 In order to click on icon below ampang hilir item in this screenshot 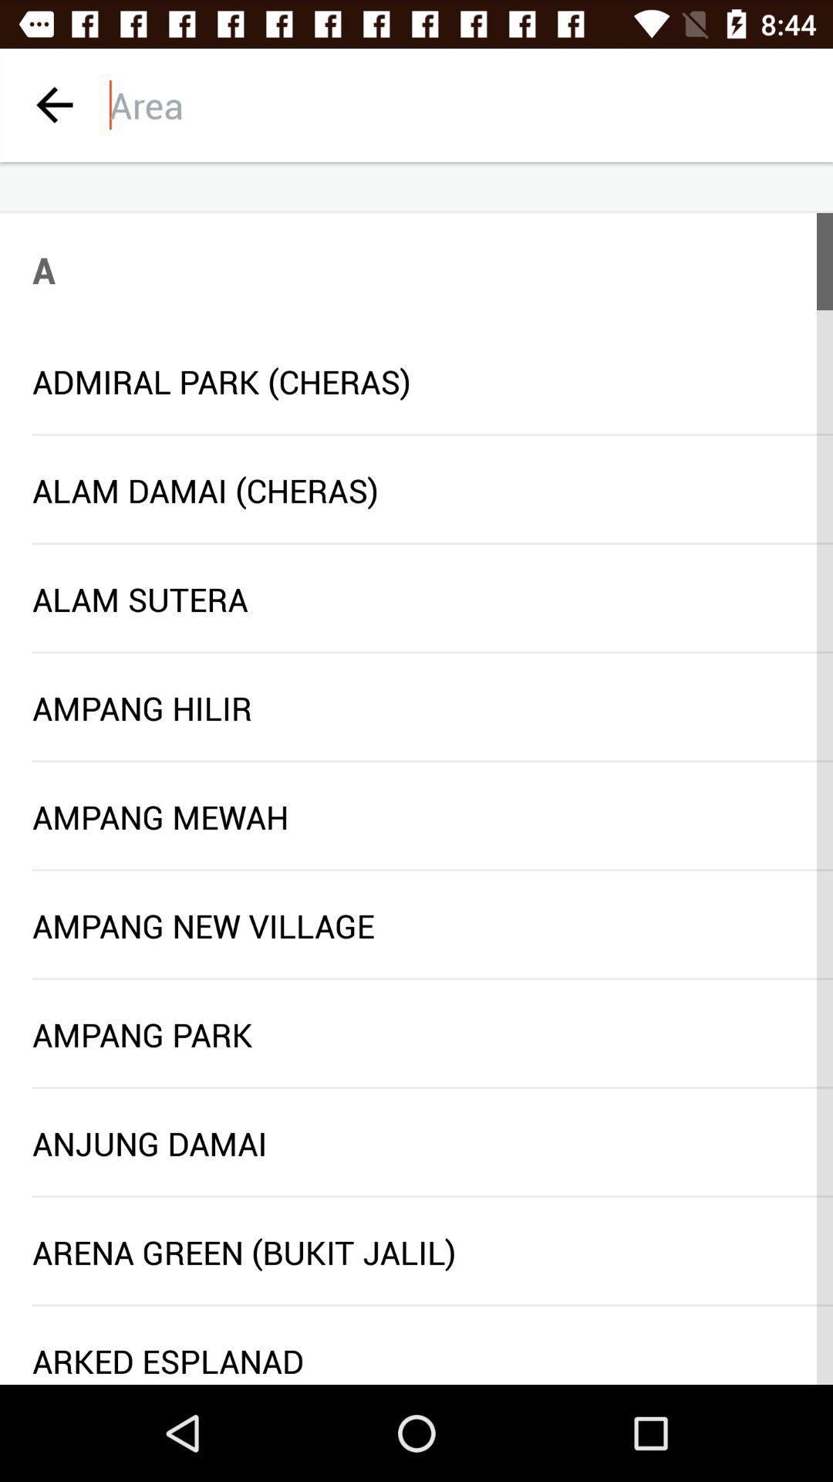, I will do `click(432, 761)`.